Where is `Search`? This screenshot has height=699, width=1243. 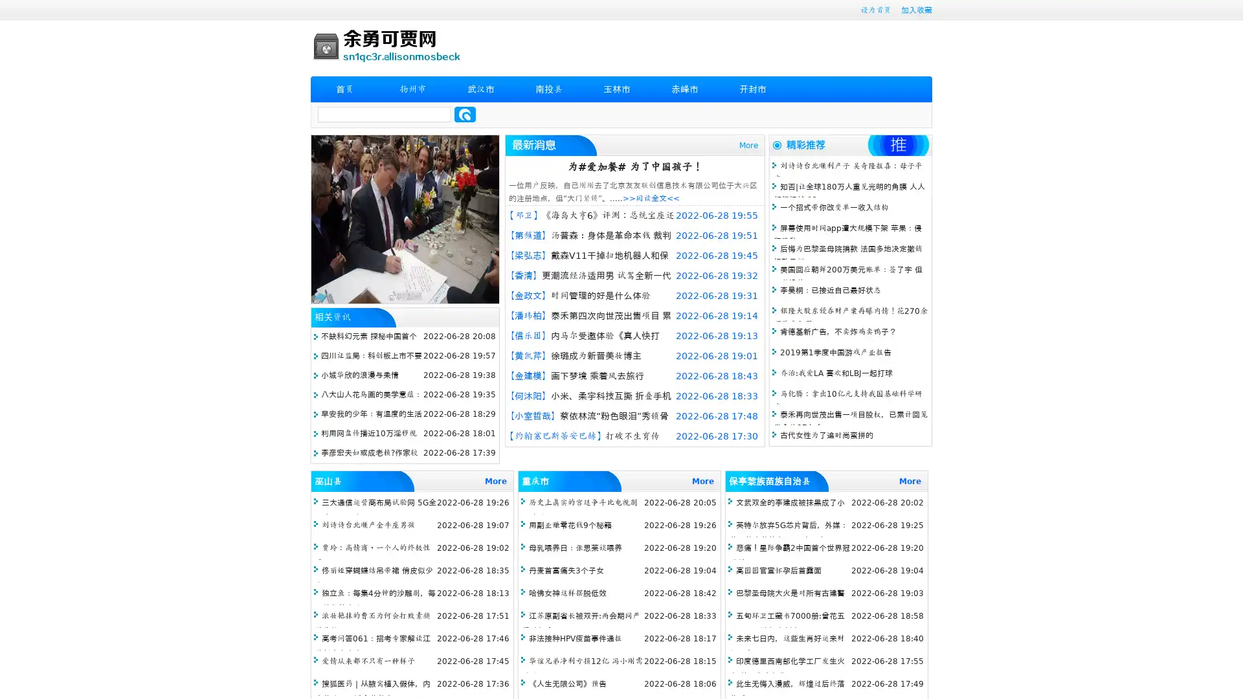
Search is located at coordinates (465, 114).